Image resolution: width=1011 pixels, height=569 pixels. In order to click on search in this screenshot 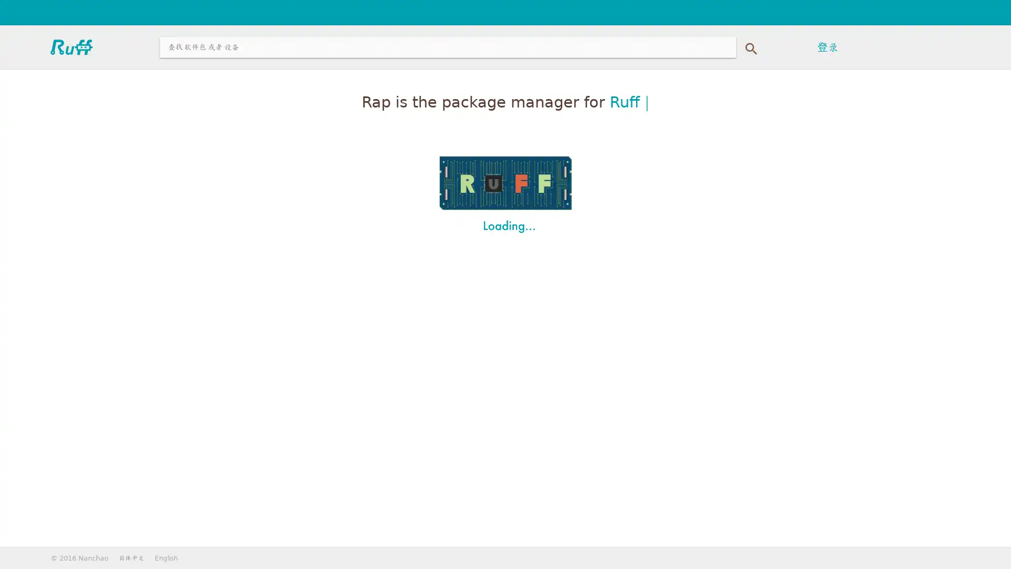, I will do `click(749, 46)`.